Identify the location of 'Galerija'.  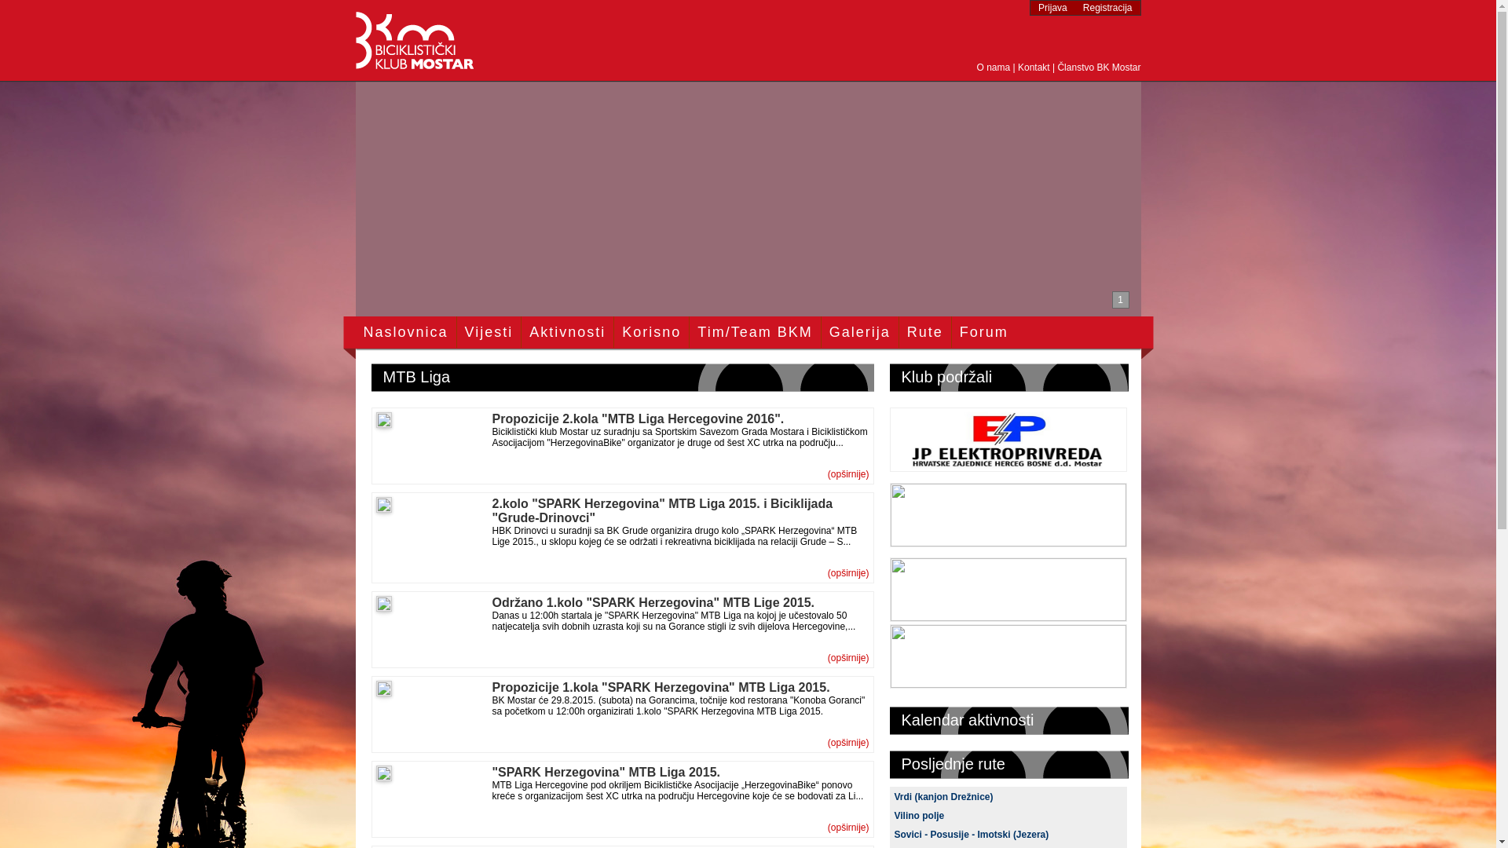
(829, 331).